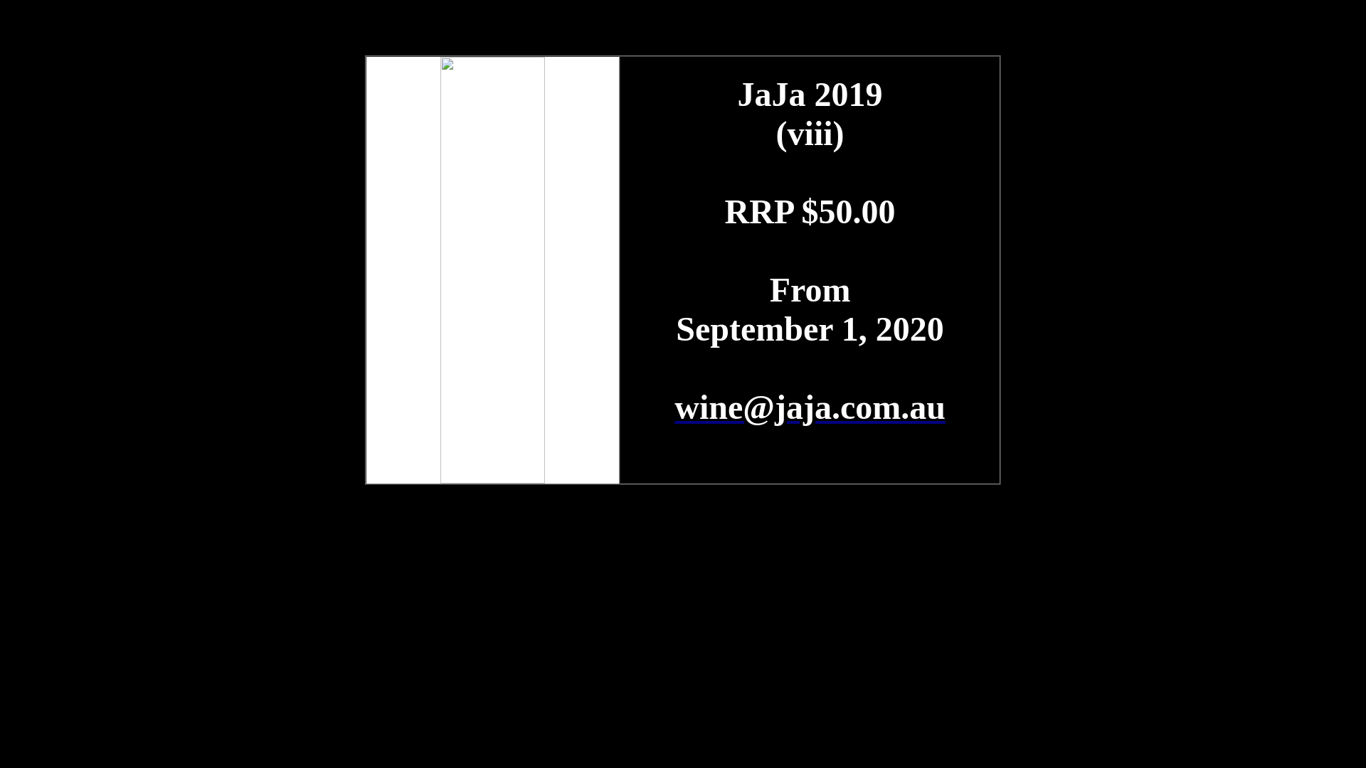 The image size is (1366, 768). What do you see at coordinates (810, 407) in the screenshot?
I see `'wine@jaja.com.au'` at bounding box center [810, 407].